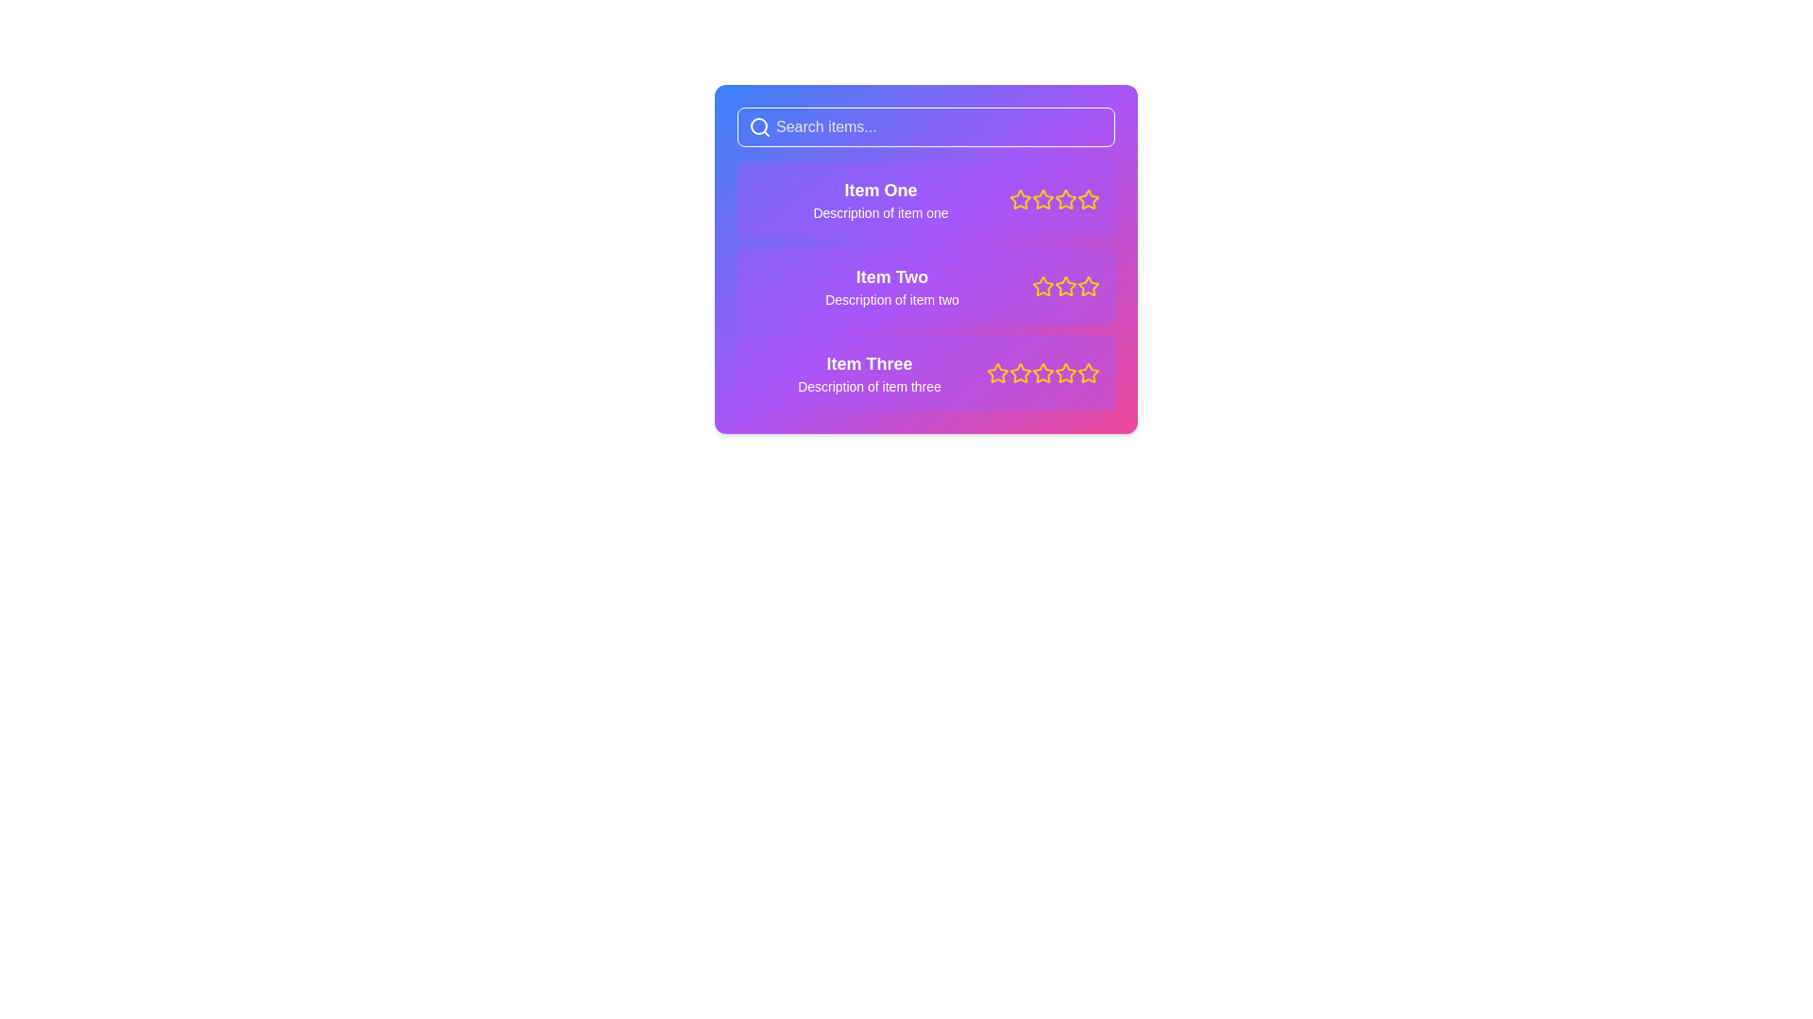 This screenshot has width=1813, height=1019. Describe the element at coordinates (1088, 199) in the screenshot. I see `the fifth yellow star-shaped icon in the rating row` at that location.